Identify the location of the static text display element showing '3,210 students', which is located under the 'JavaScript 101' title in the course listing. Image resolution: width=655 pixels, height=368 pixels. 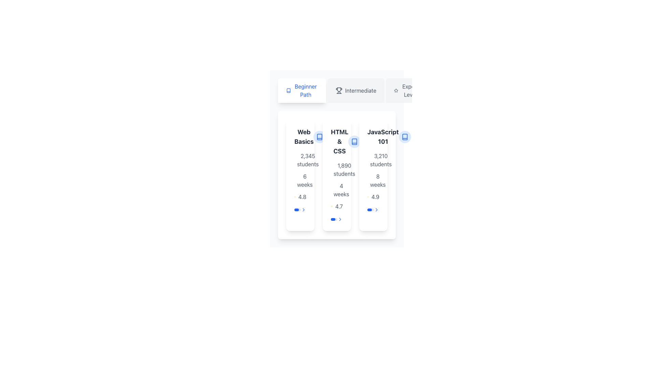
(380, 160).